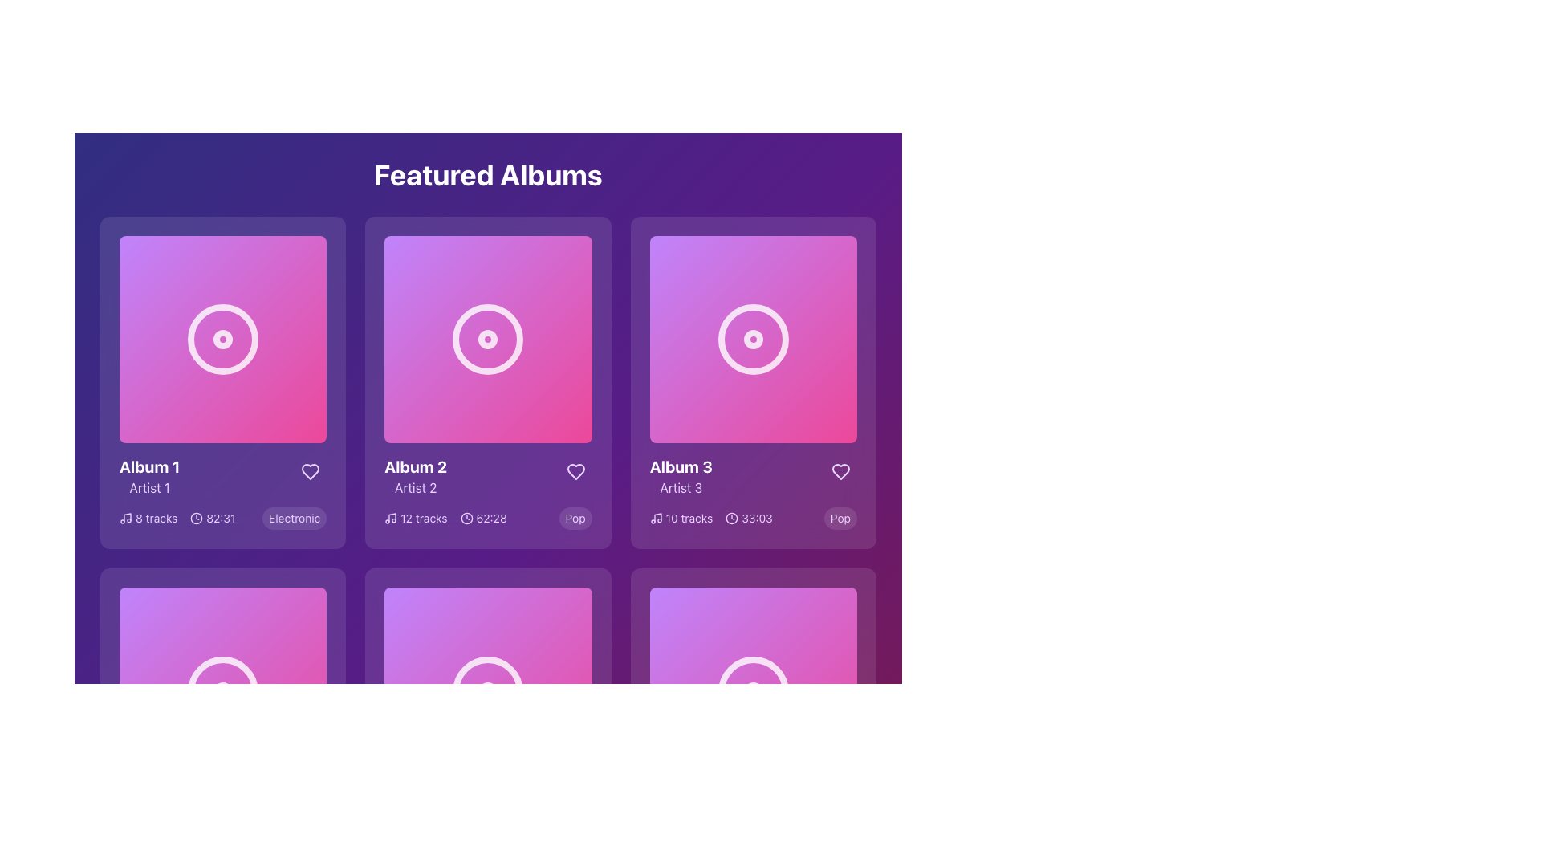 This screenshot has height=867, width=1541. I want to click on the favorite icon located at the bottom-right corner of the card for 'Album 1' in the 'Featured Albums' section, so click(311, 471).